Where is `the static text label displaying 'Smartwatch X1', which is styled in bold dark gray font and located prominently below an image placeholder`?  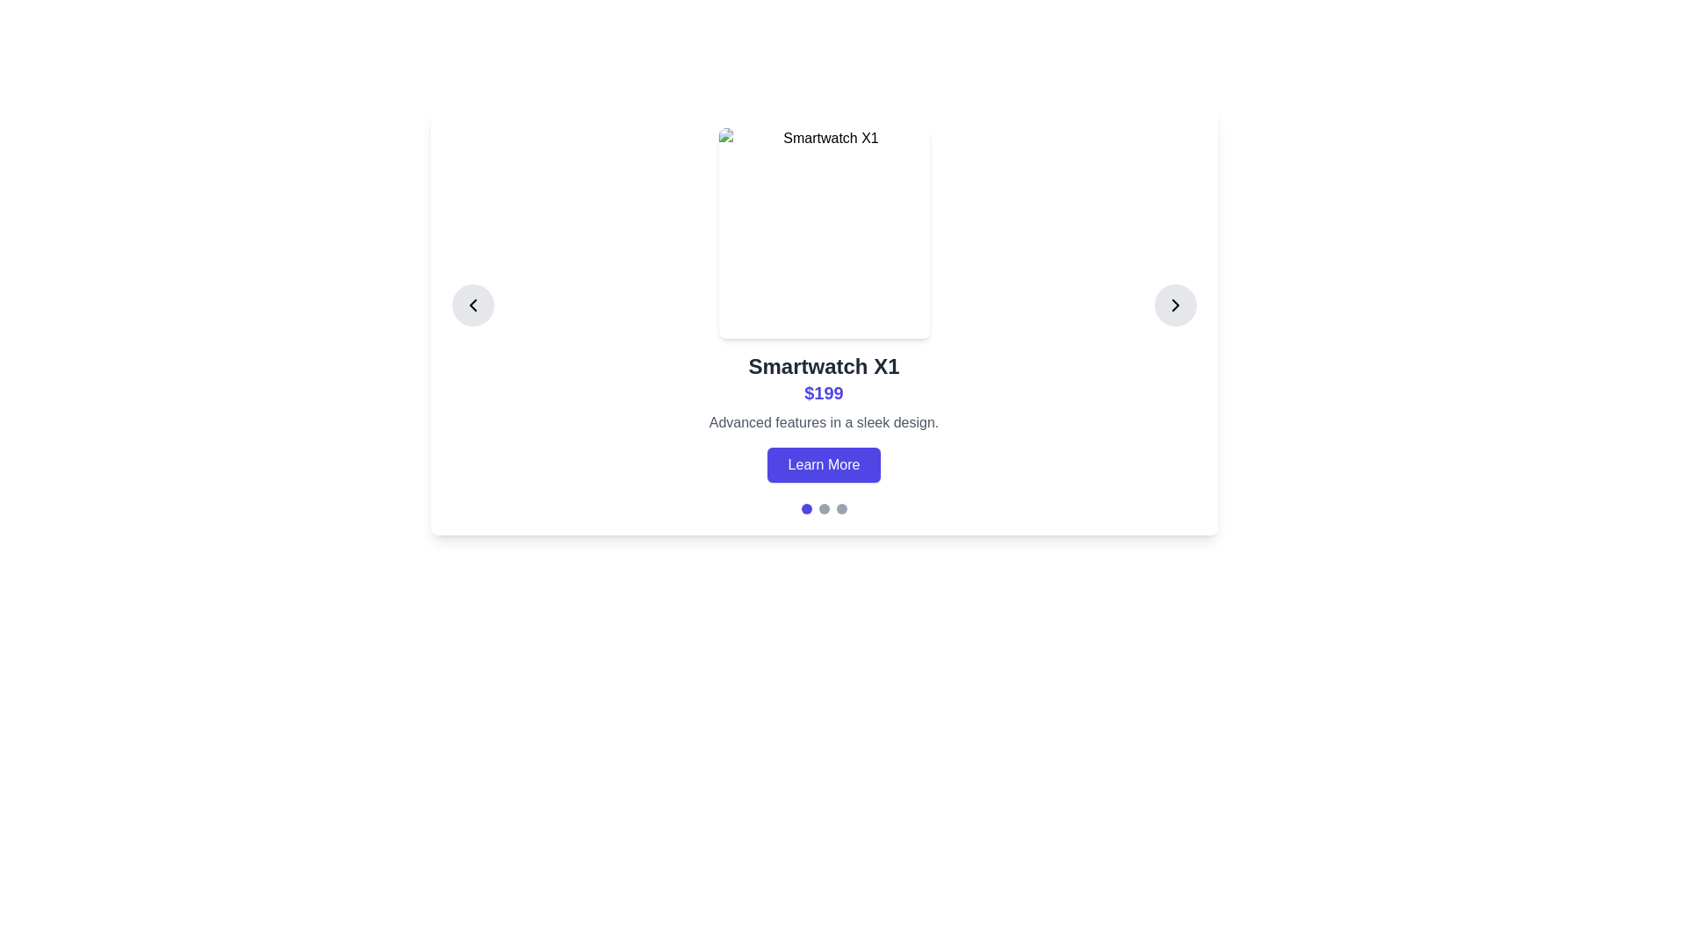
the static text label displaying 'Smartwatch X1', which is styled in bold dark gray font and located prominently below an image placeholder is located at coordinates (823, 365).